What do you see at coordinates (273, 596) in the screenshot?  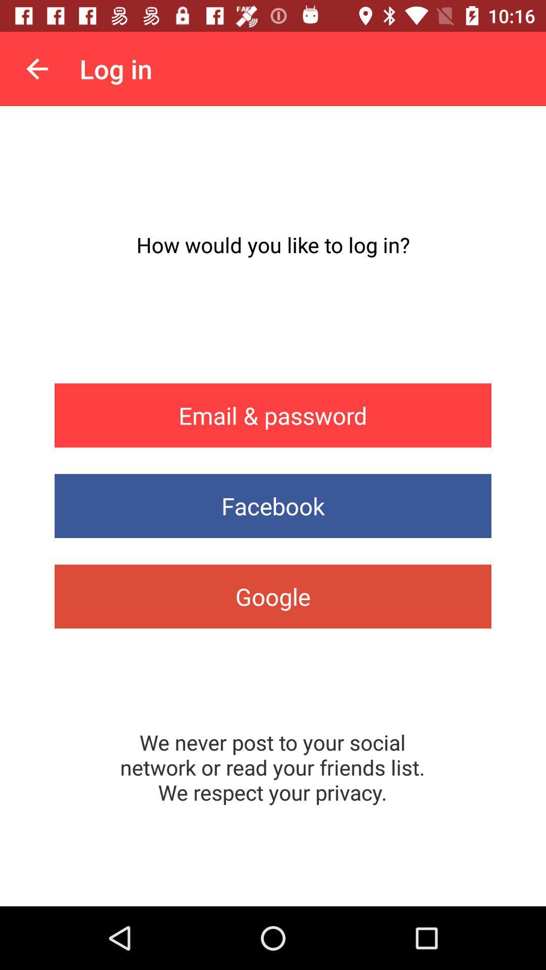 I see `item below facebook icon` at bounding box center [273, 596].